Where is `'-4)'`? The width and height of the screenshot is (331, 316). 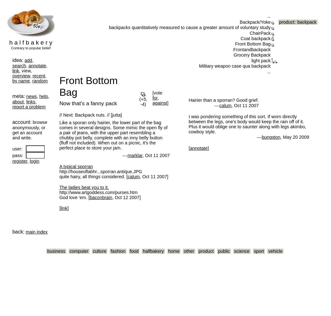 '-4)' is located at coordinates (143, 104).